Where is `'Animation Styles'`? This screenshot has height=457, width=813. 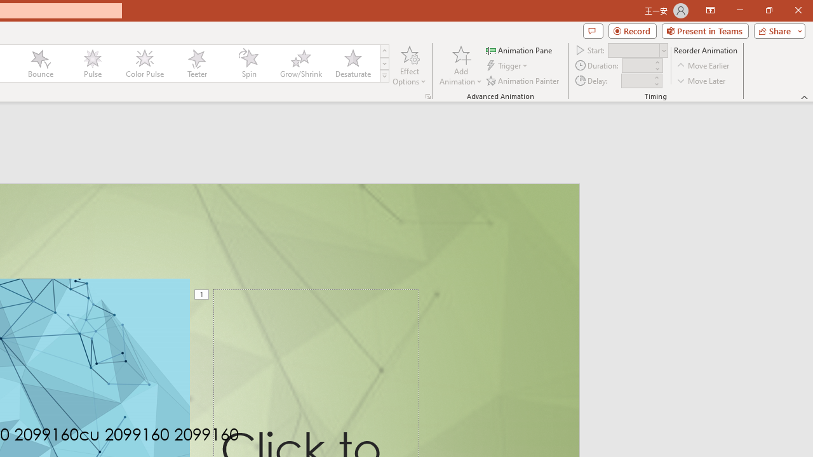 'Animation Styles' is located at coordinates (384, 76).